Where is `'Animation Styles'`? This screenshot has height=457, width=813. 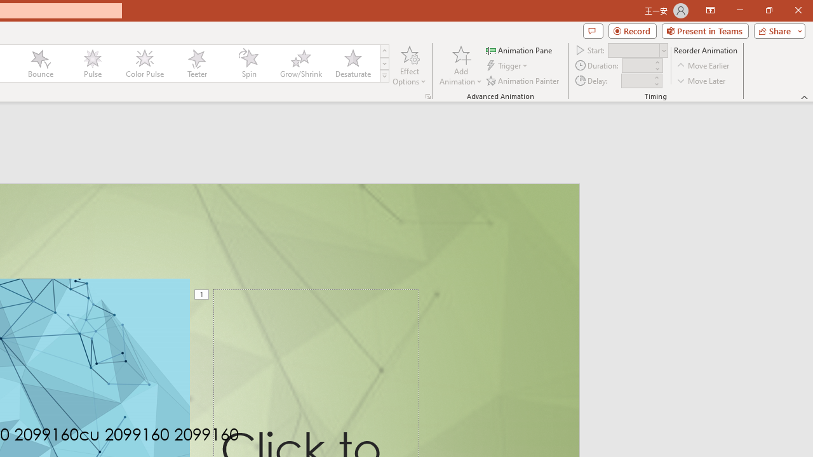 'Animation Styles' is located at coordinates (384, 76).